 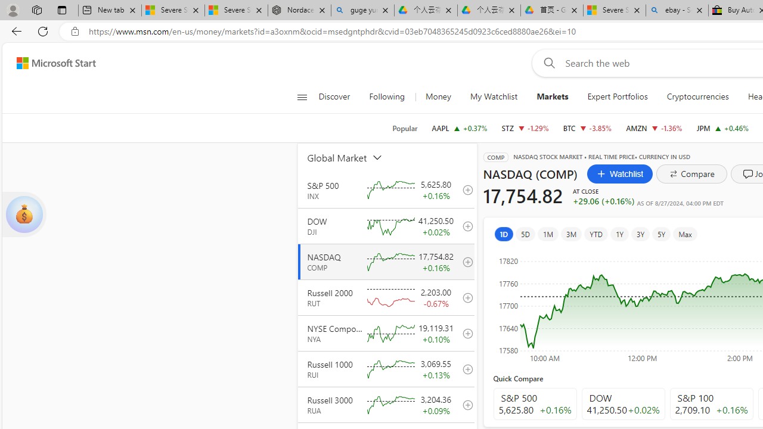 What do you see at coordinates (494, 97) in the screenshot?
I see `'My Watchlist'` at bounding box center [494, 97].